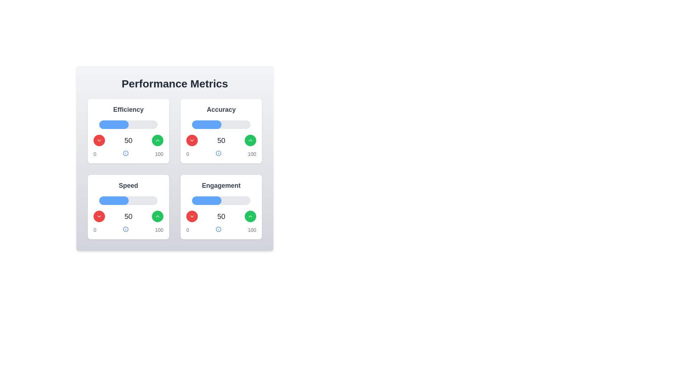 This screenshot has height=387, width=688. I want to click on the icon in the bottom-right corner of the 'Engagement' metric card, which is part of a green button, so click(250, 216).